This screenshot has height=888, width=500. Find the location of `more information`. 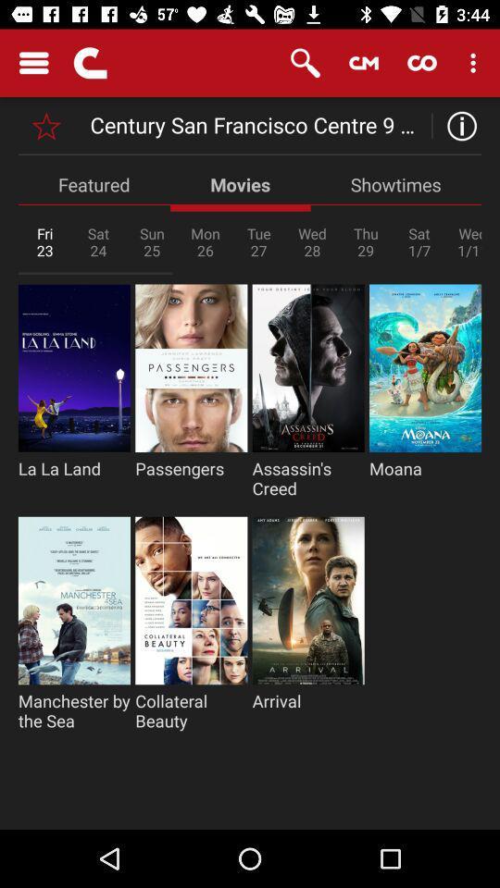

more information is located at coordinates (456, 125).